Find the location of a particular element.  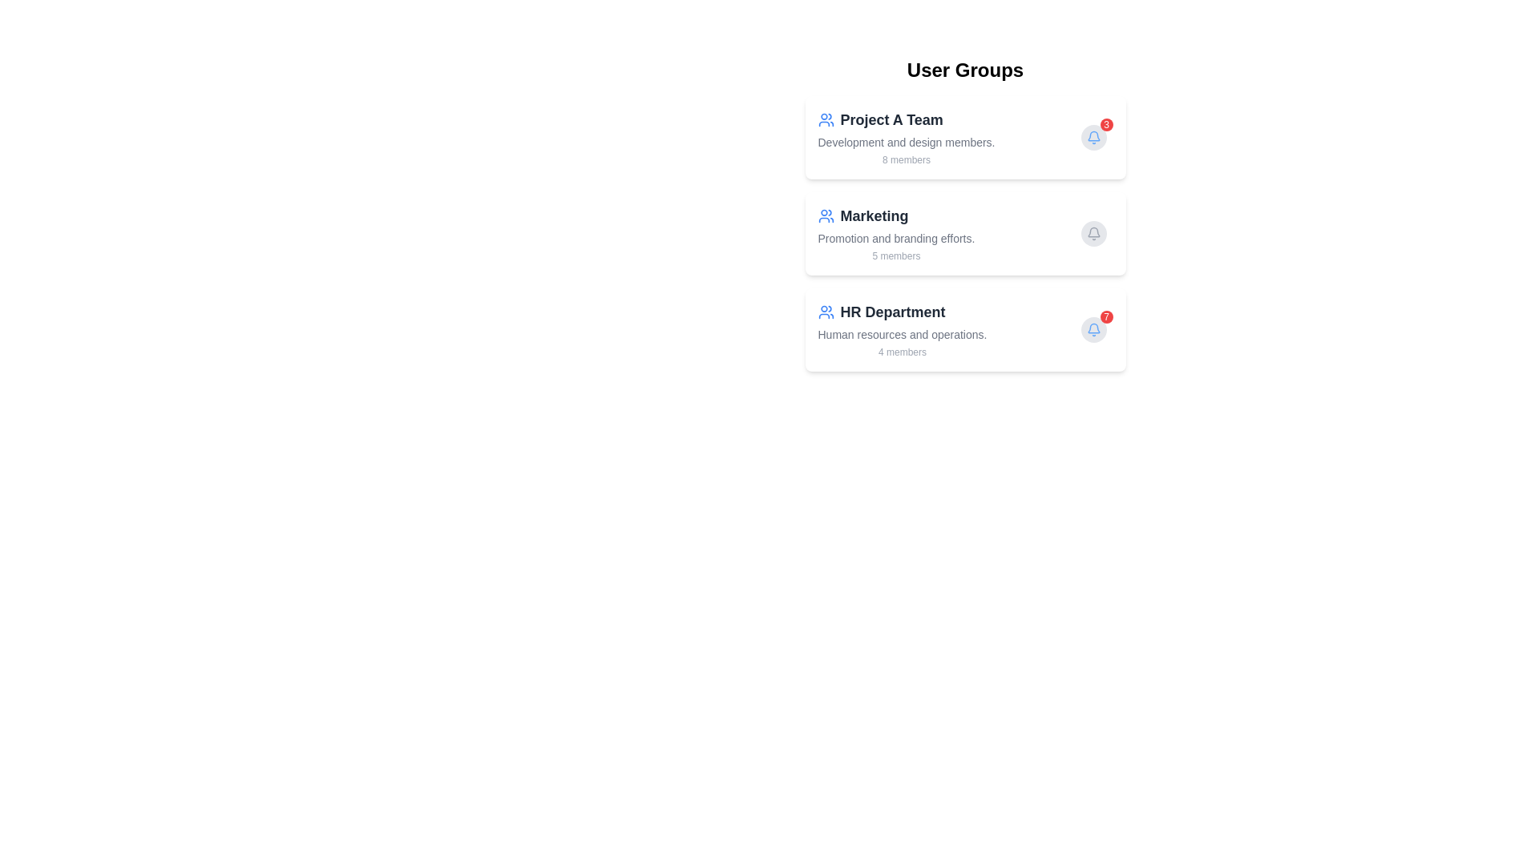

the notification icon of the group HR Department to view its details is located at coordinates (1093, 329).